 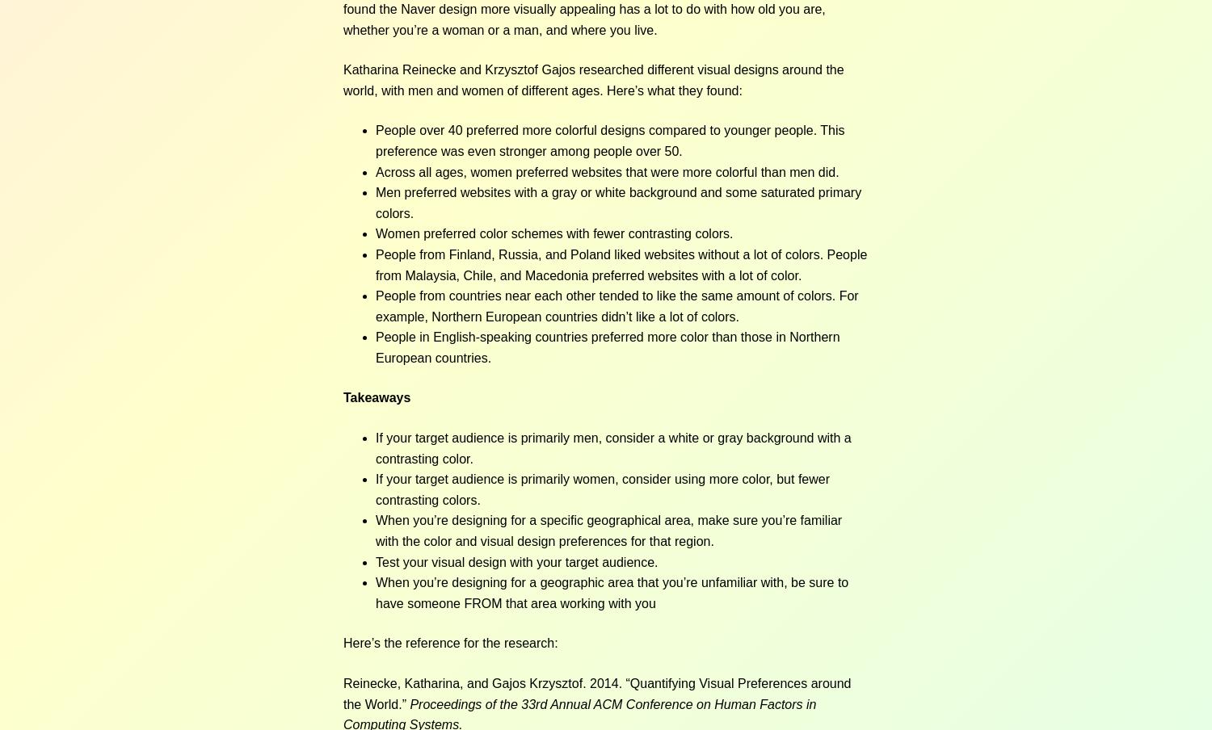 What do you see at coordinates (609, 141) in the screenshot?
I see `'People over 40 preferred more colorful designs compared to younger people. This preference was even stronger among people over 50.'` at bounding box center [609, 141].